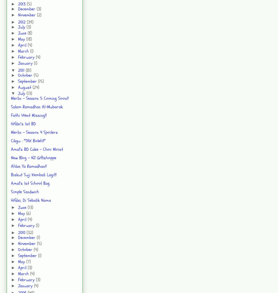 The width and height of the screenshot is (278, 293). I want to click on 'Biskut Suji Kembali Lagi!!!', so click(33, 175).